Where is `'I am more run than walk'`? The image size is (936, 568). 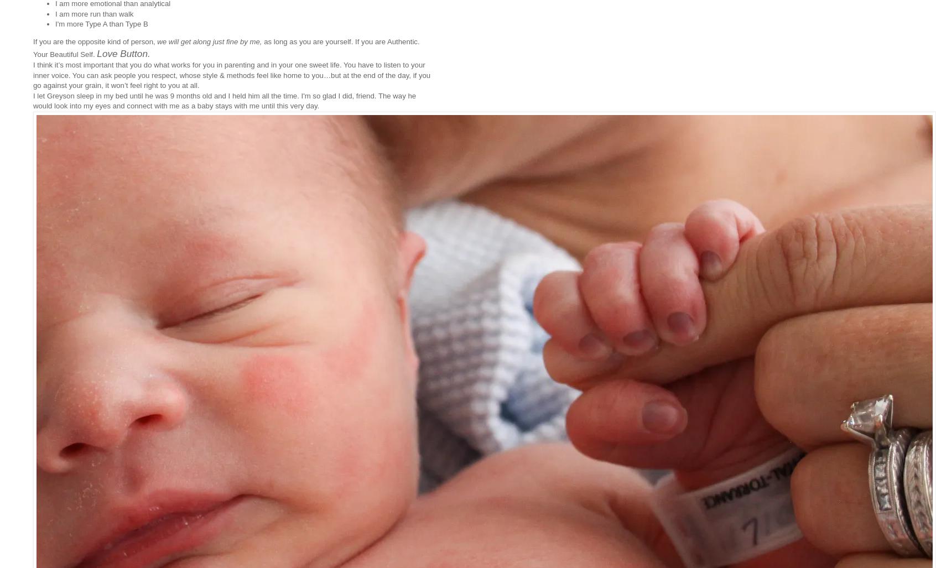
'I am more run than walk' is located at coordinates (93, 13).